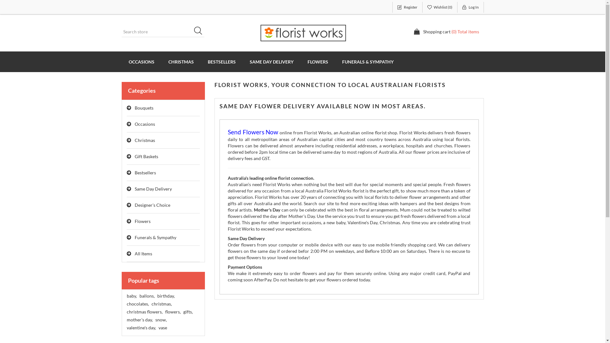  I want to click on 'chocolates,', so click(137, 303).